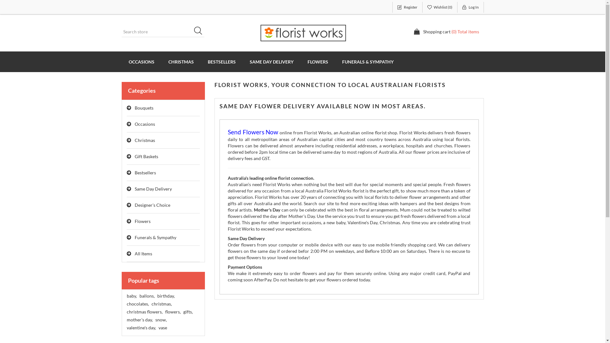  I want to click on 'chocolates,', so click(137, 303).